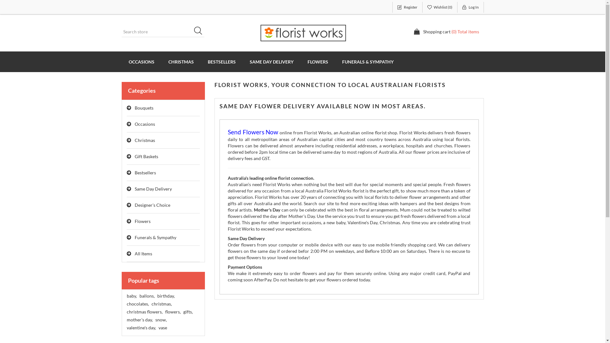  I want to click on 'chocolates,', so click(137, 303).